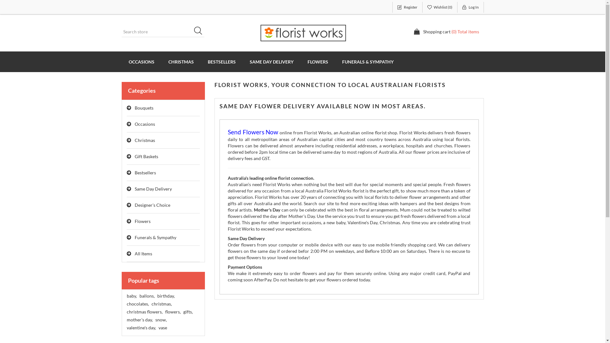  I want to click on 'chocolates,', so click(137, 303).